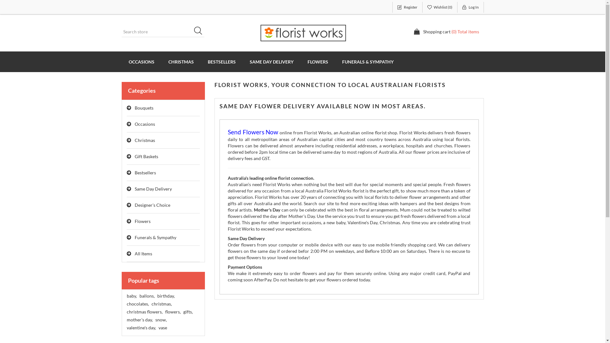  I want to click on 'chocolates,', so click(137, 303).